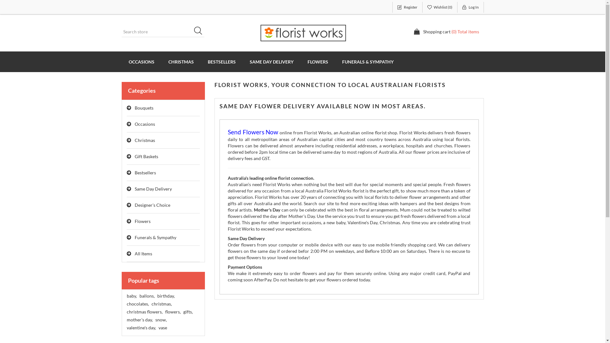  I want to click on 'chocolates,', so click(137, 303).